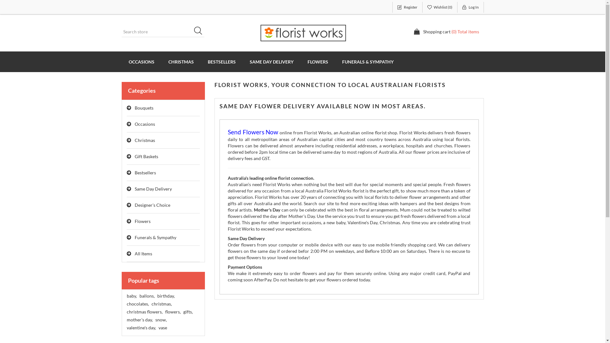  I want to click on 'chocolates,', so click(137, 303).